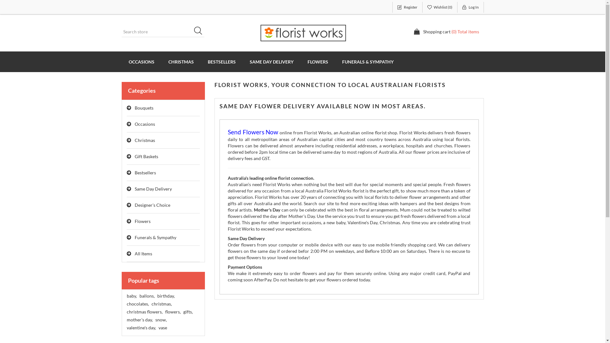  I want to click on 'chocolates,', so click(137, 303).